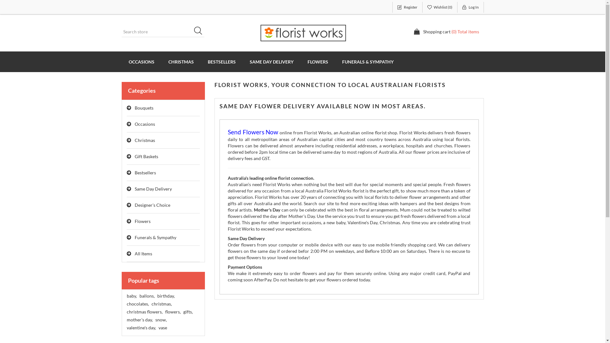  I want to click on 'chocolates,', so click(137, 303).